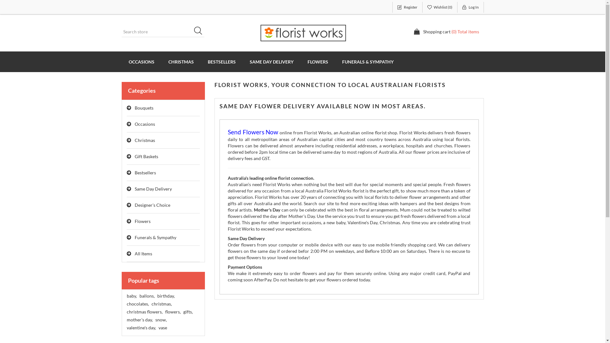  I want to click on 'chocolates,', so click(137, 303).